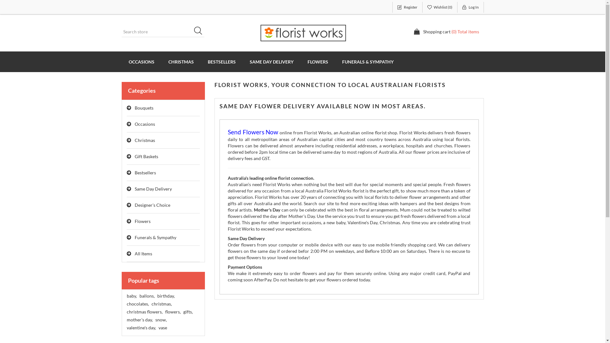  I want to click on 'chocolates,', so click(137, 303).